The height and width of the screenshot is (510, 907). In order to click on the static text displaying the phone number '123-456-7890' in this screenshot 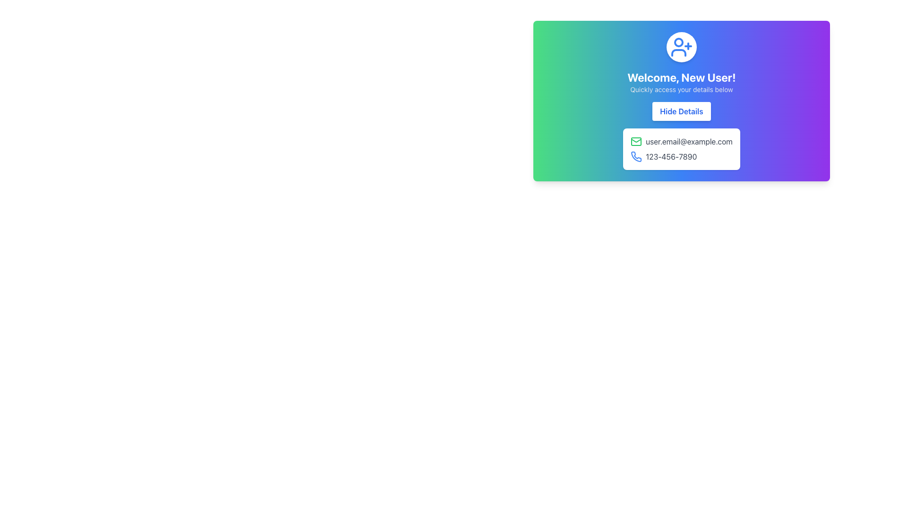, I will do `click(682, 156)`.